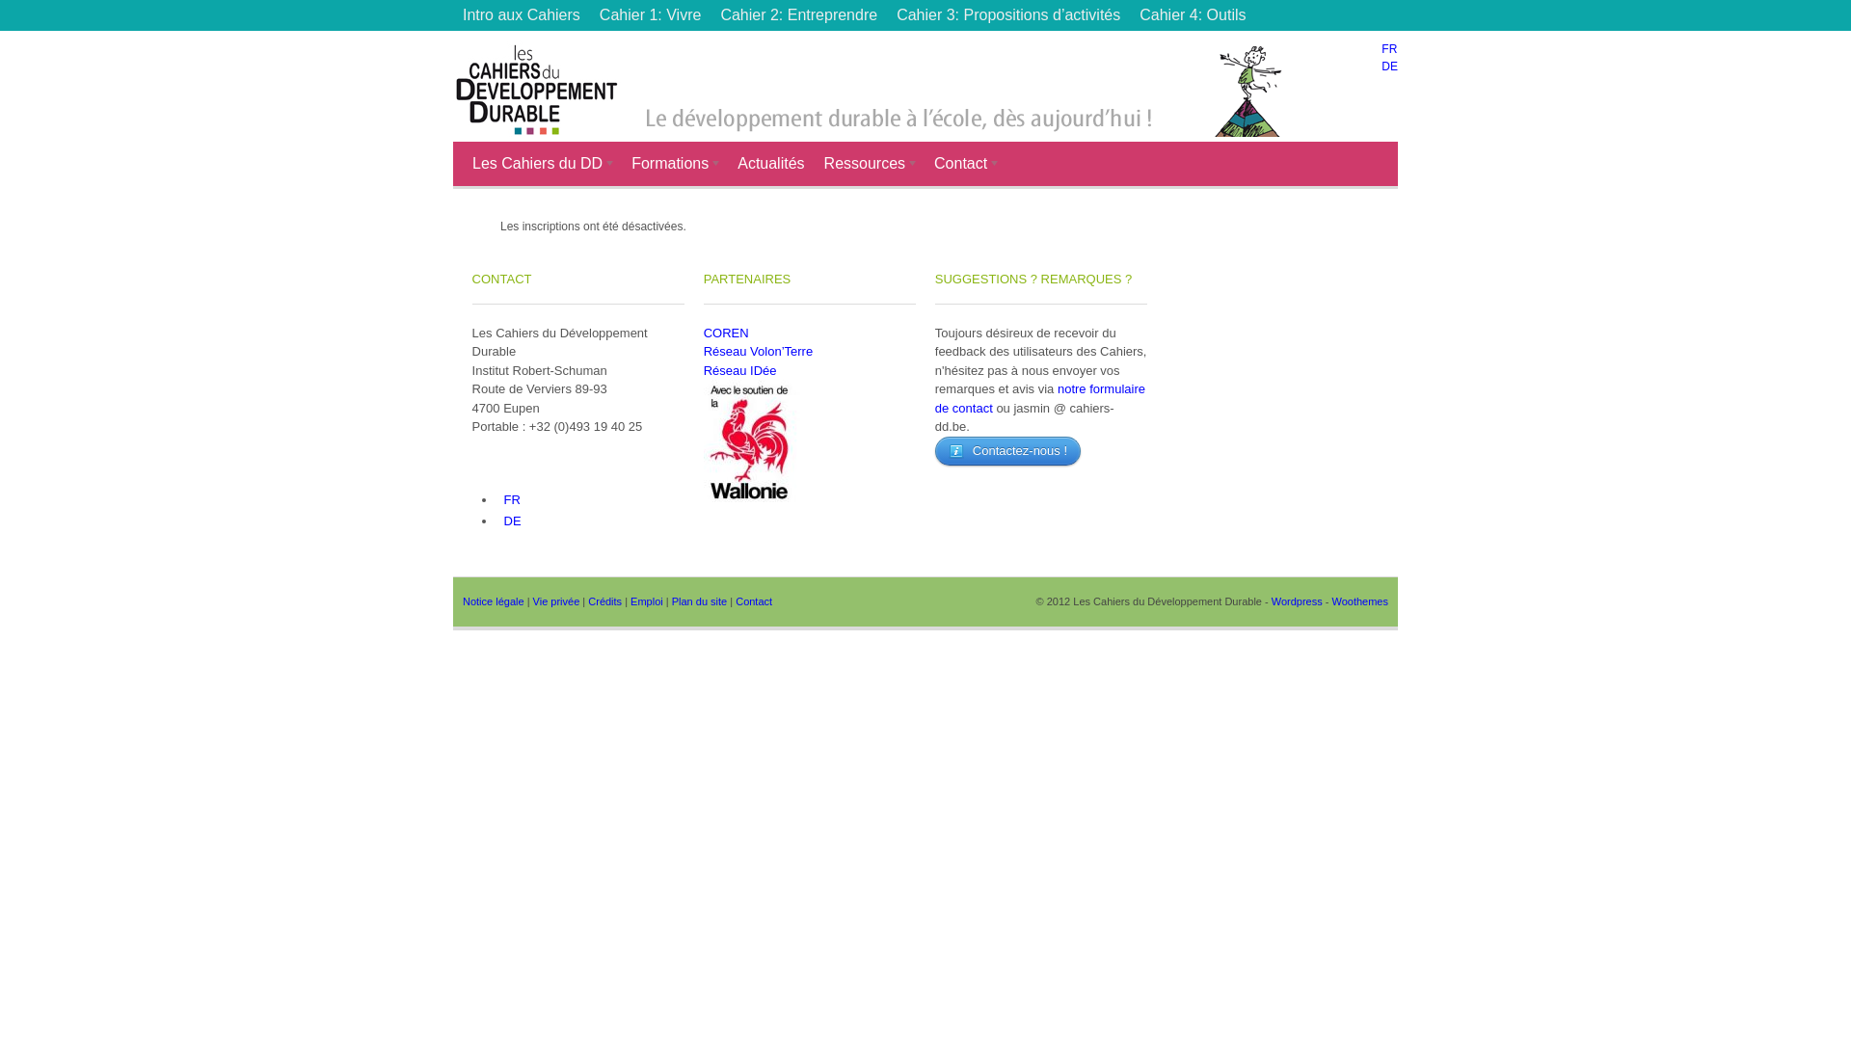  What do you see at coordinates (522, 14) in the screenshot?
I see `'Intro aux Cahiers'` at bounding box center [522, 14].